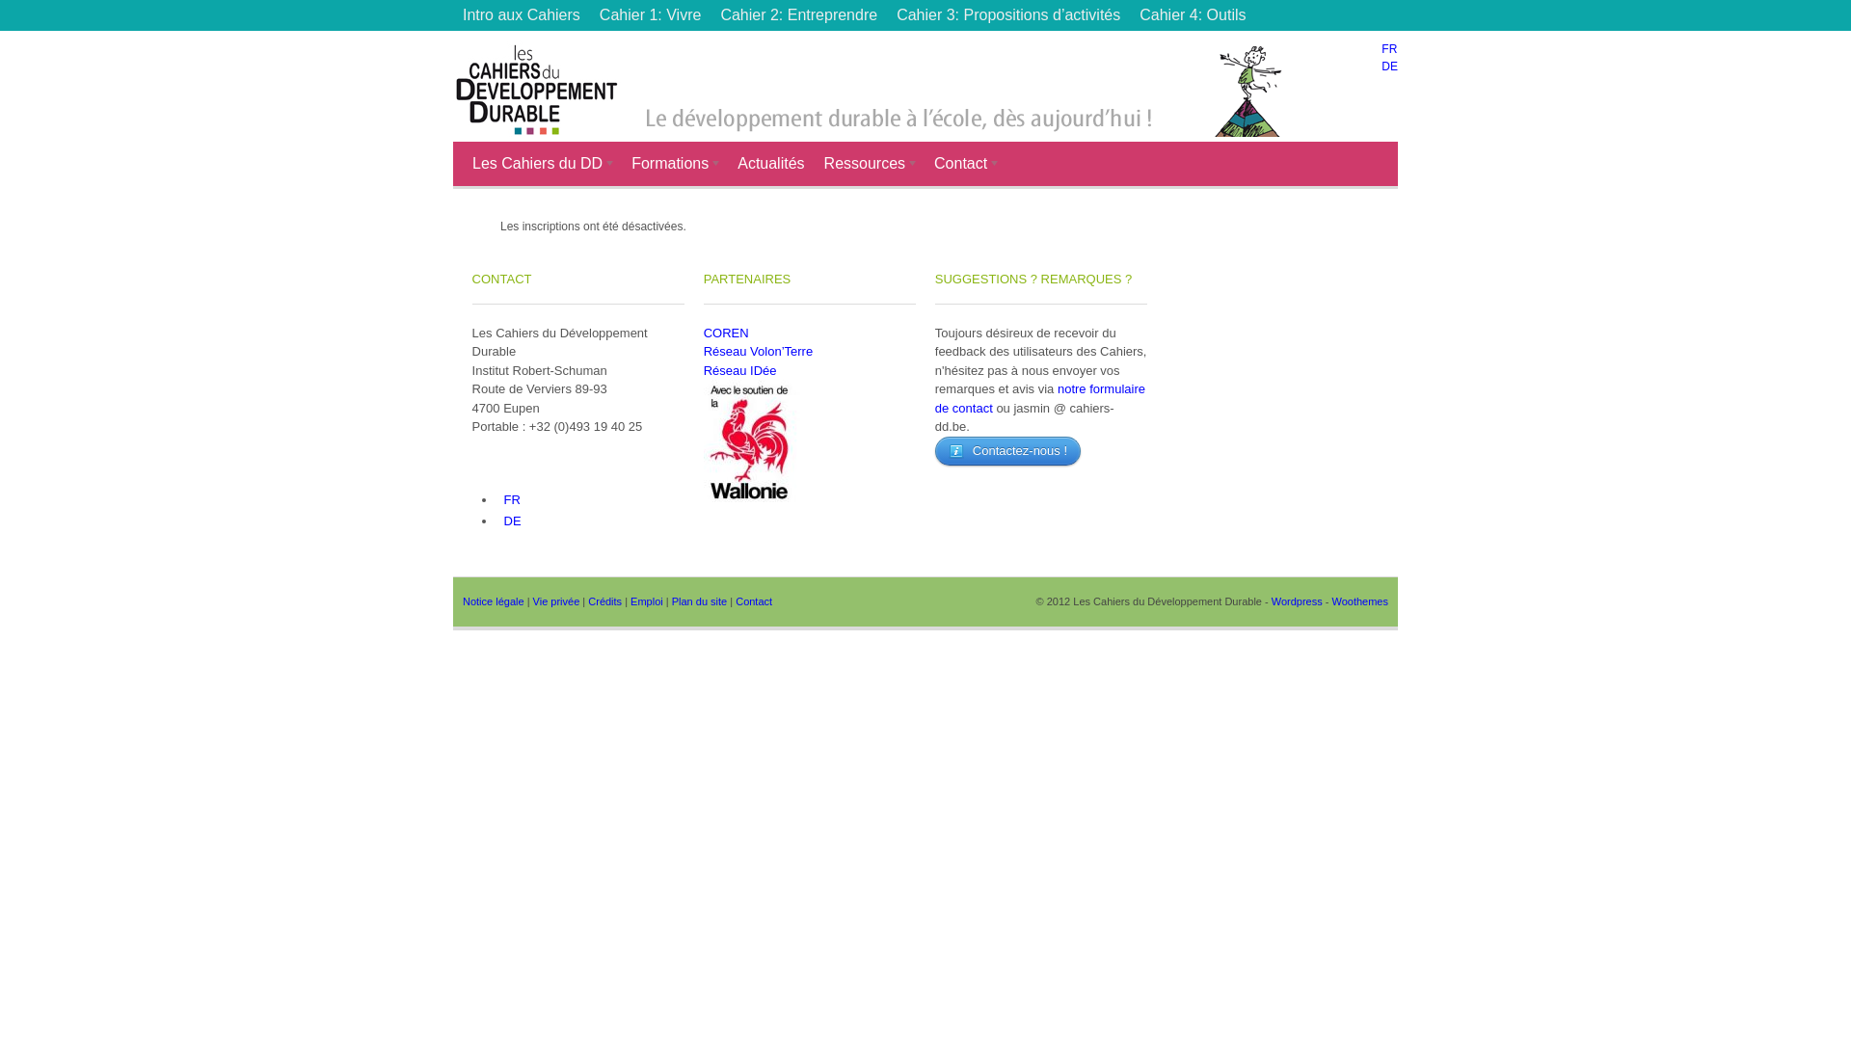  What do you see at coordinates (522, 14) in the screenshot?
I see `'Intro aux Cahiers'` at bounding box center [522, 14].